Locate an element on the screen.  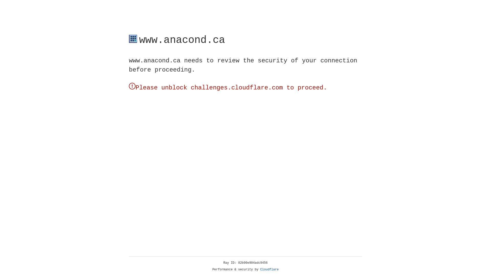
'Cloudflare' is located at coordinates (269, 269).